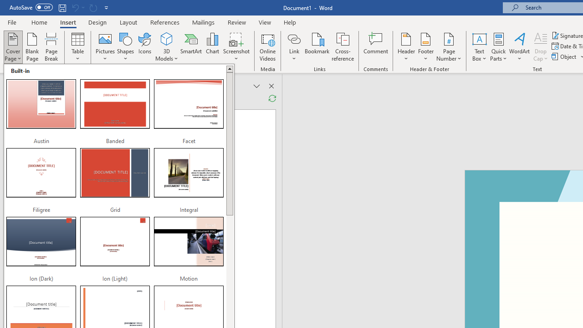 The width and height of the screenshot is (583, 328). I want to click on 'Page Number', so click(449, 47).